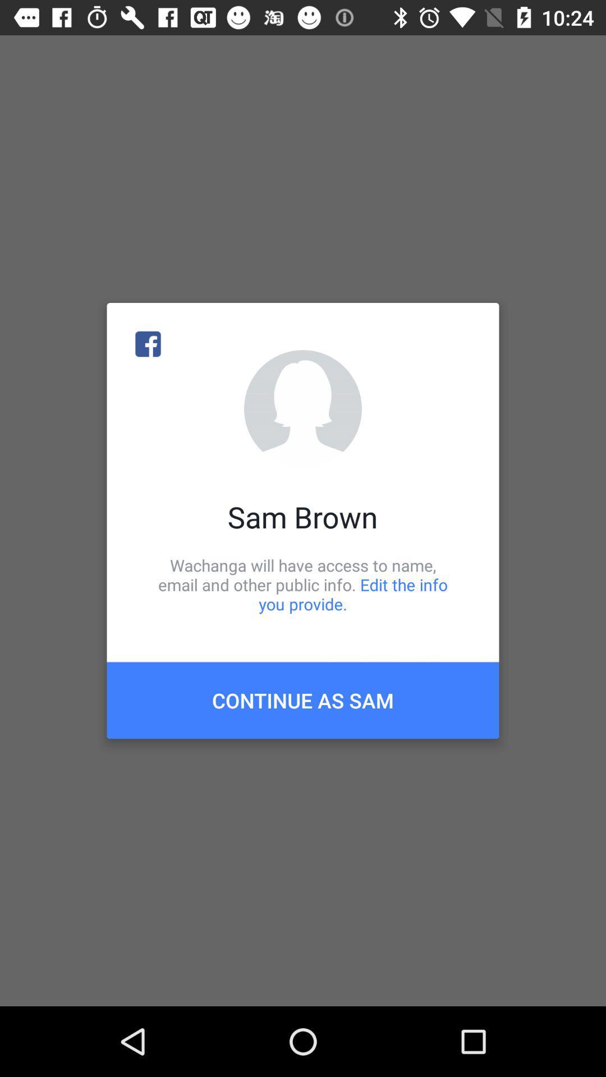 This screenshot has height=1077, width=606. What do you see at coordinates (303, 584) in the screenshot?
I see `the item below sam brown item` at bounding box center [303, 584].